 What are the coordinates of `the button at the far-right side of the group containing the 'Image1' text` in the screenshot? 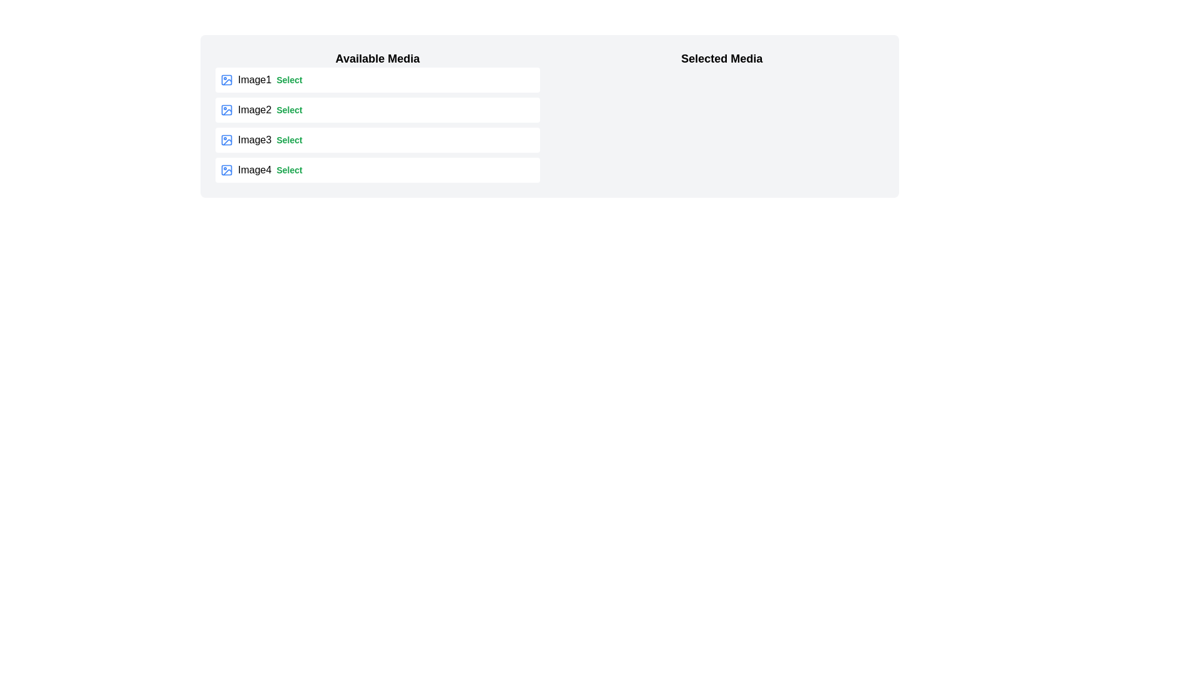 It's located at (288, 79).